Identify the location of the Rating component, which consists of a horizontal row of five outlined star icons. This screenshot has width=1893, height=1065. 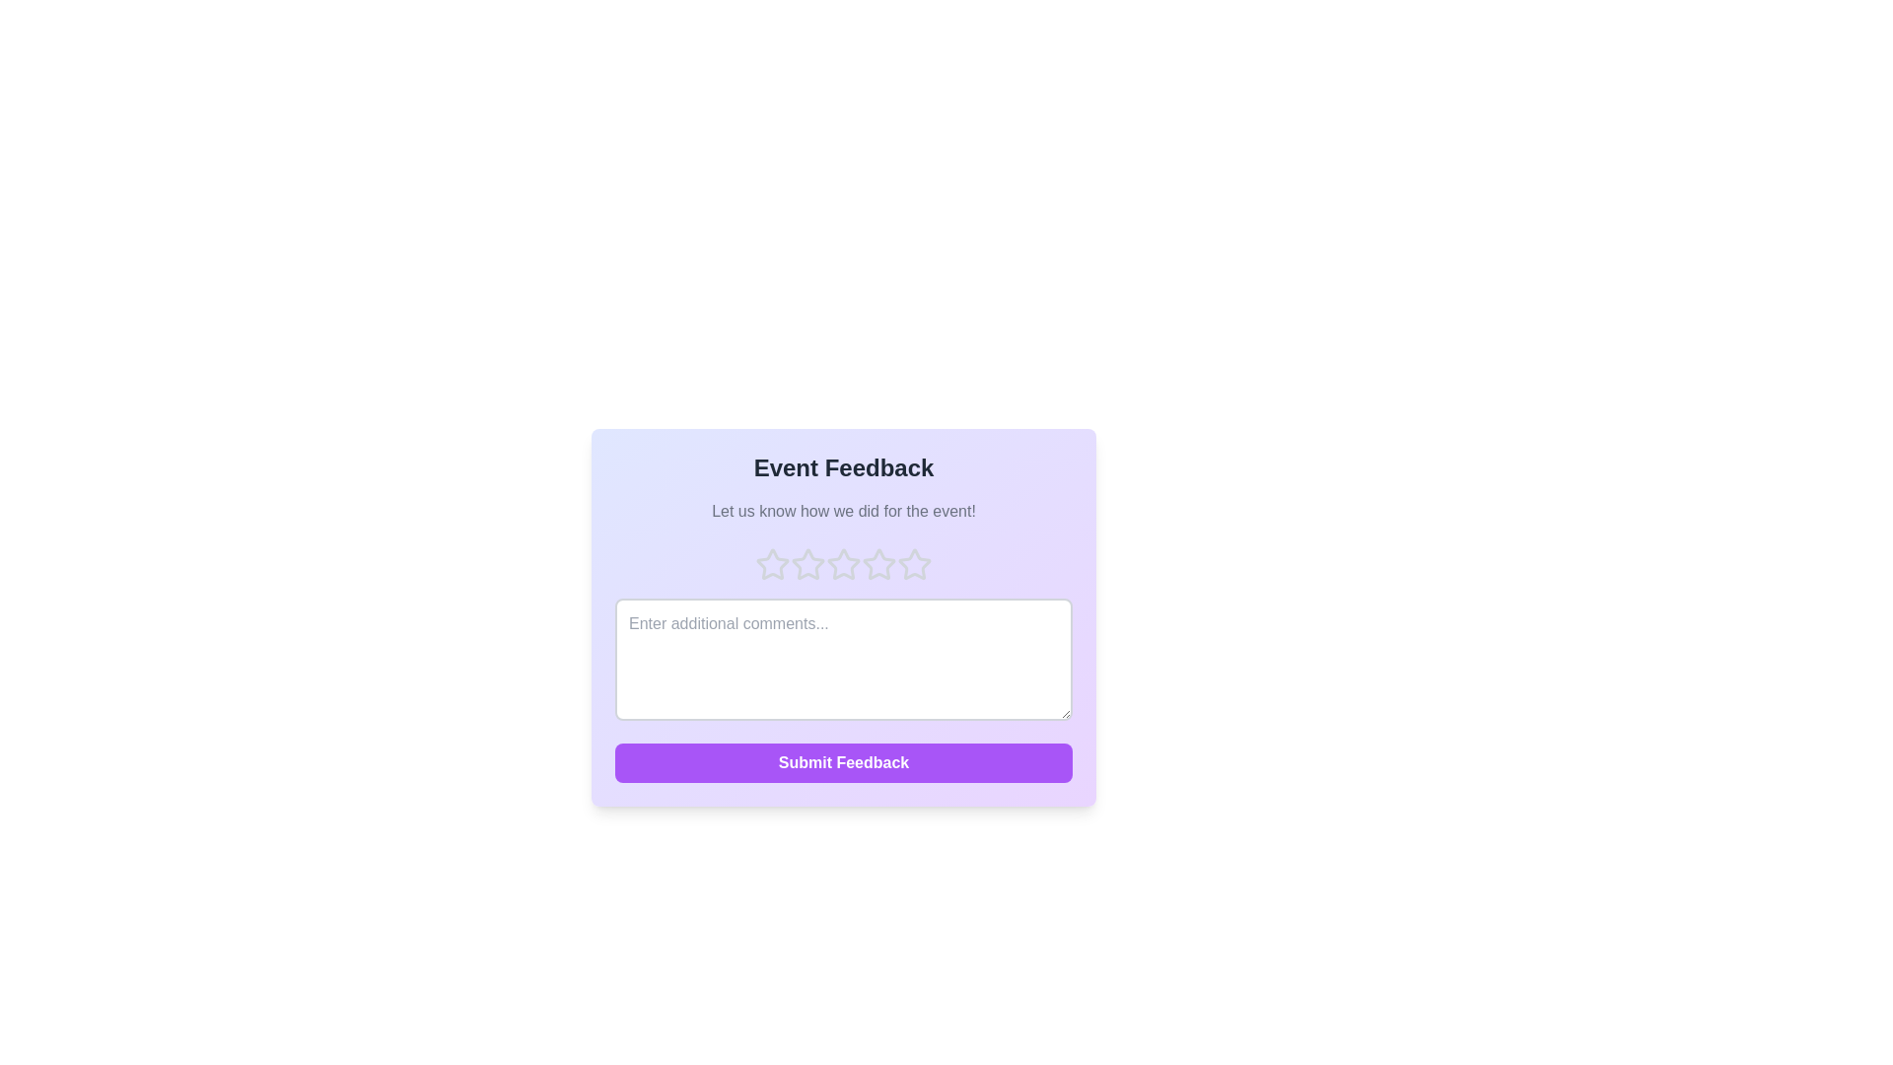
(843, 565).